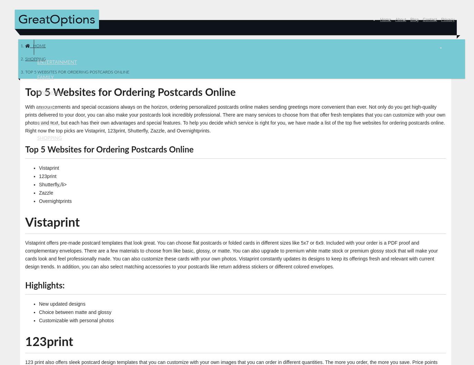 This screenshot has width=474, height=365. I want to click on 'New updated designs', so click(61, 303).